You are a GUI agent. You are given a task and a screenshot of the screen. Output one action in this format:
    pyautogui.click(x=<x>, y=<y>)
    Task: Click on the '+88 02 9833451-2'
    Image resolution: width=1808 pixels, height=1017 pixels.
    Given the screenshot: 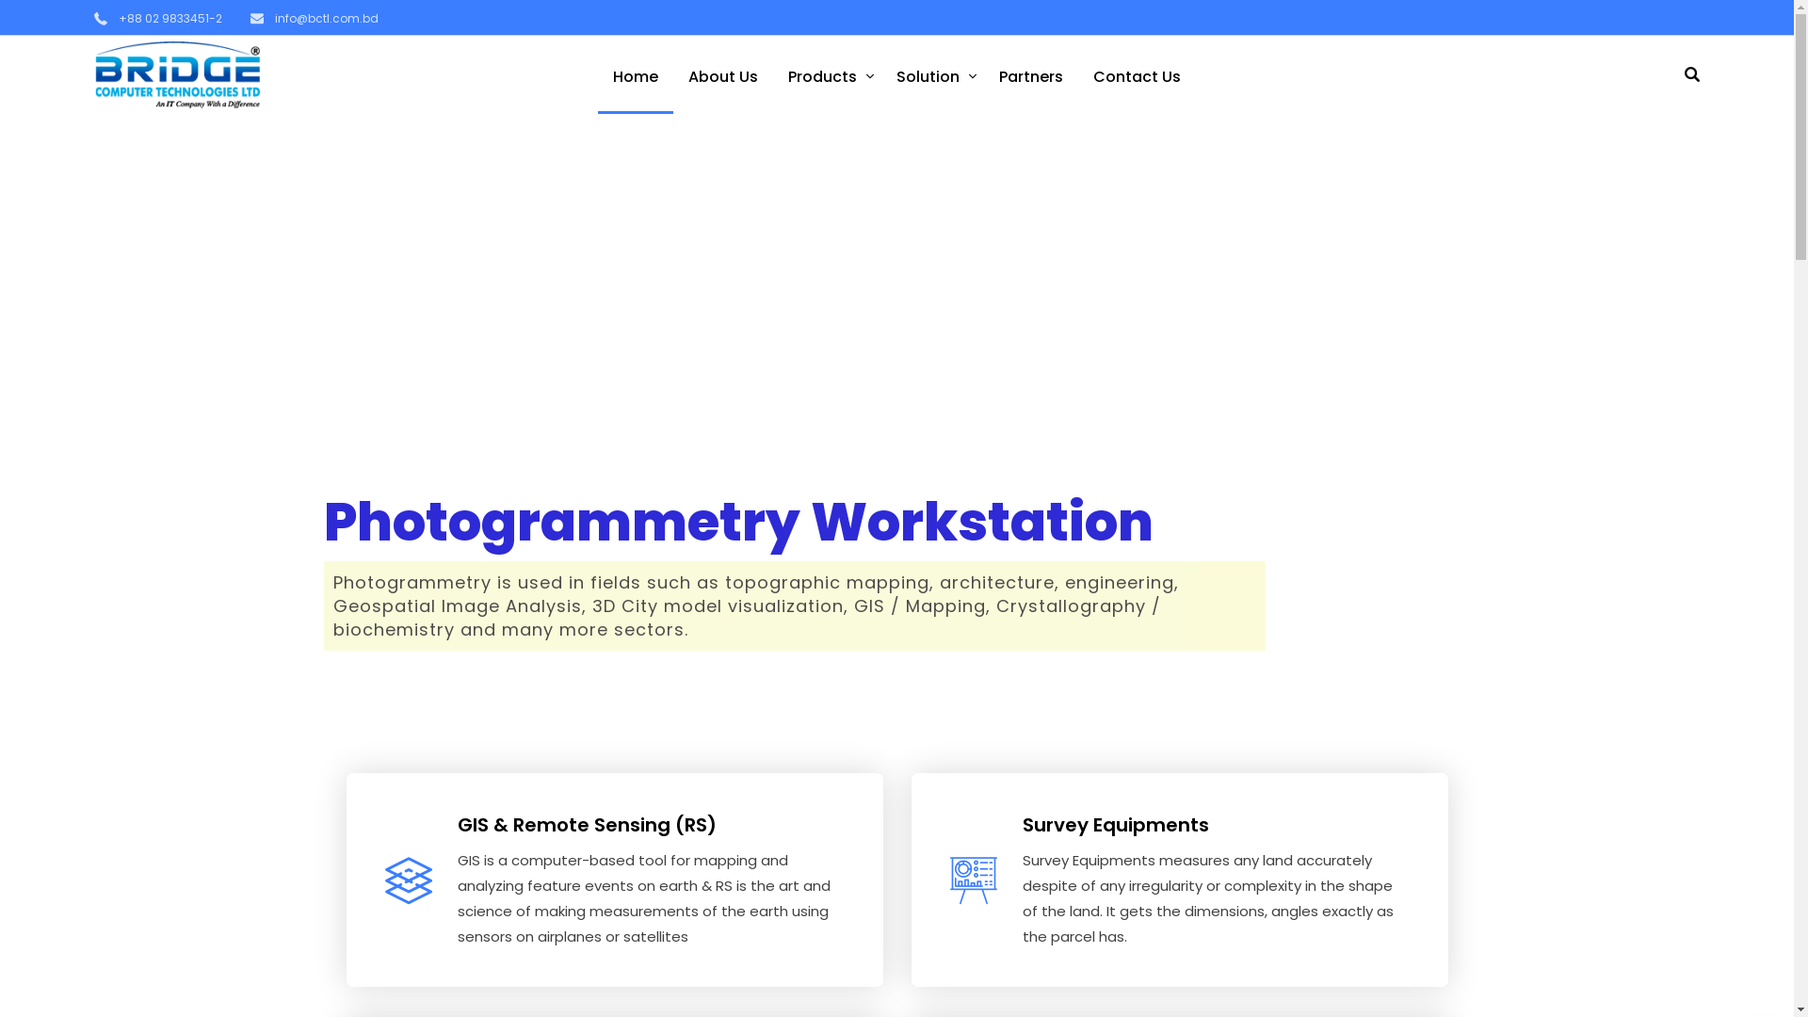 What is the action you would take?
    pyautogui.click(x=93, y=18)
    